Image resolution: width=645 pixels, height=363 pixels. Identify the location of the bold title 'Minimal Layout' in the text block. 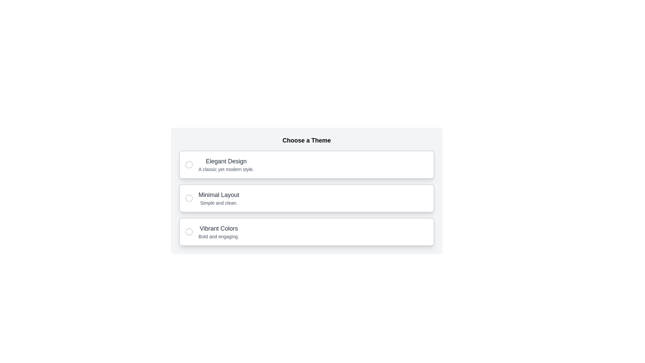
(219, 198).